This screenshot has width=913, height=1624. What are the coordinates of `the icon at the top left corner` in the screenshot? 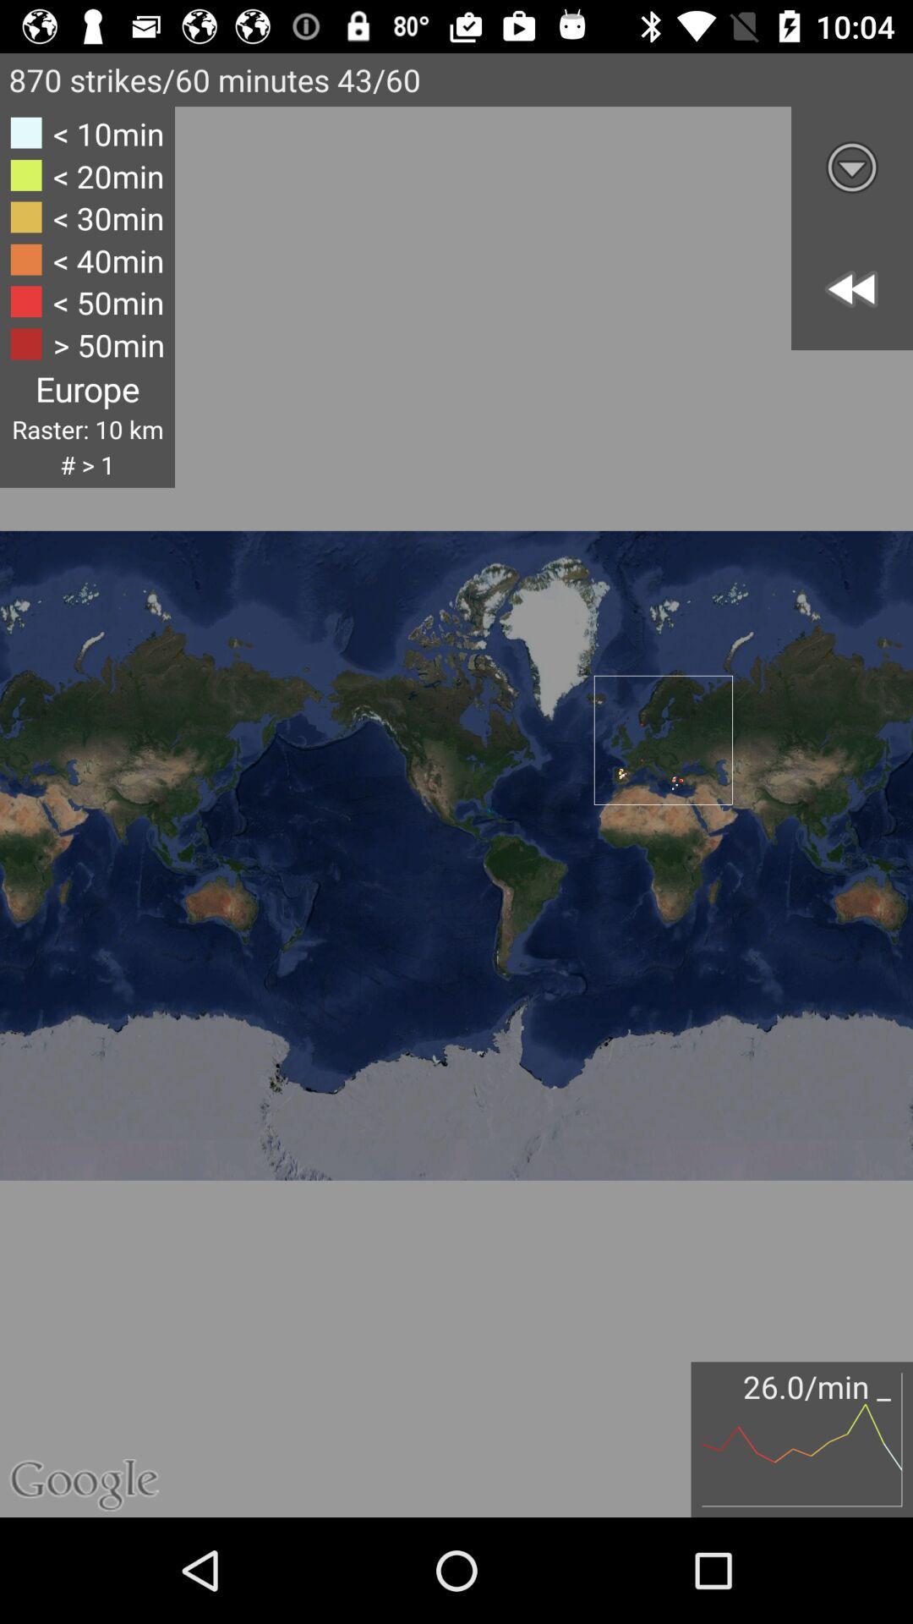 It's located at (87, 297).